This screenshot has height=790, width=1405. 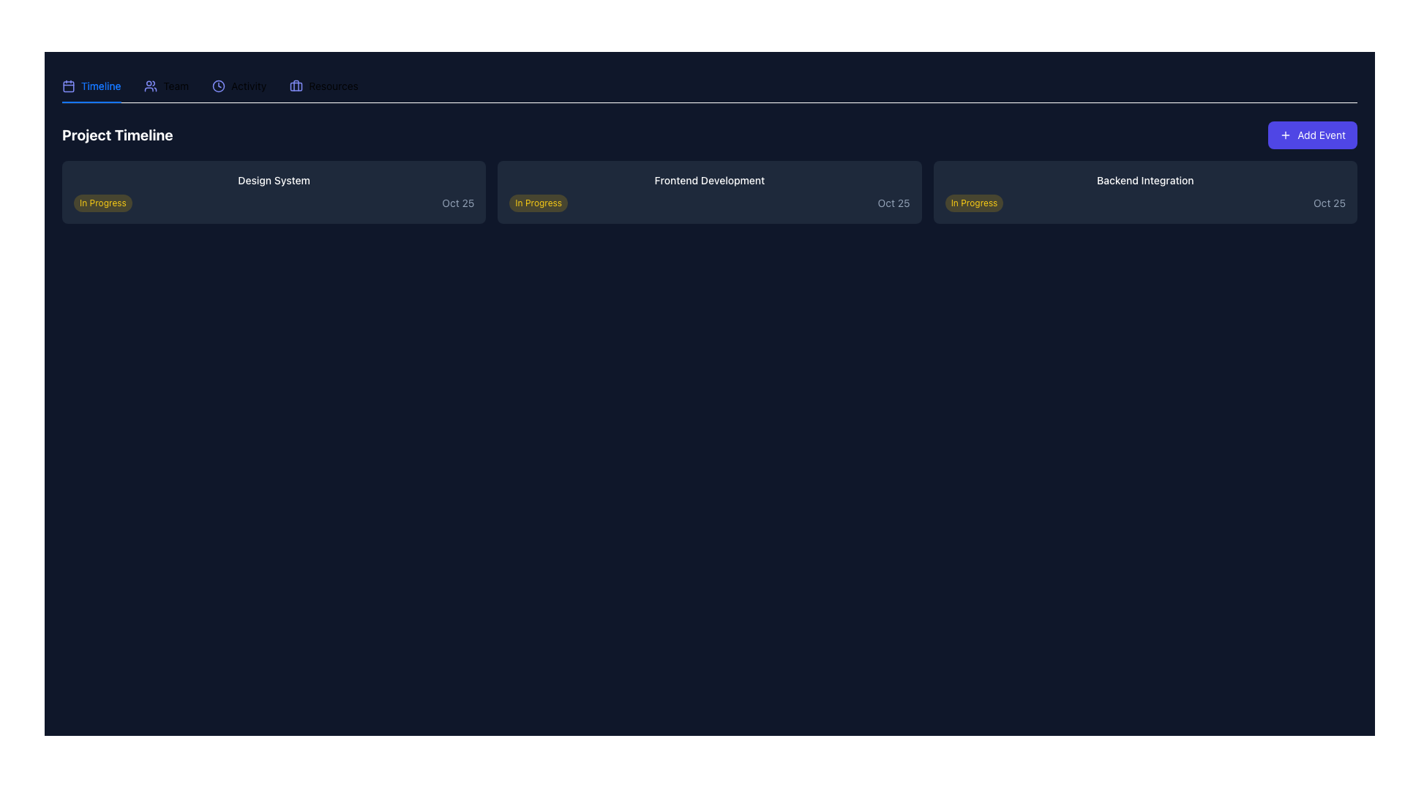 What do you see at coordinates (91, 86) in the screenshot?
I see `the 'Timeline' tab component with a calendar icon` at bounding box center [91, 86].